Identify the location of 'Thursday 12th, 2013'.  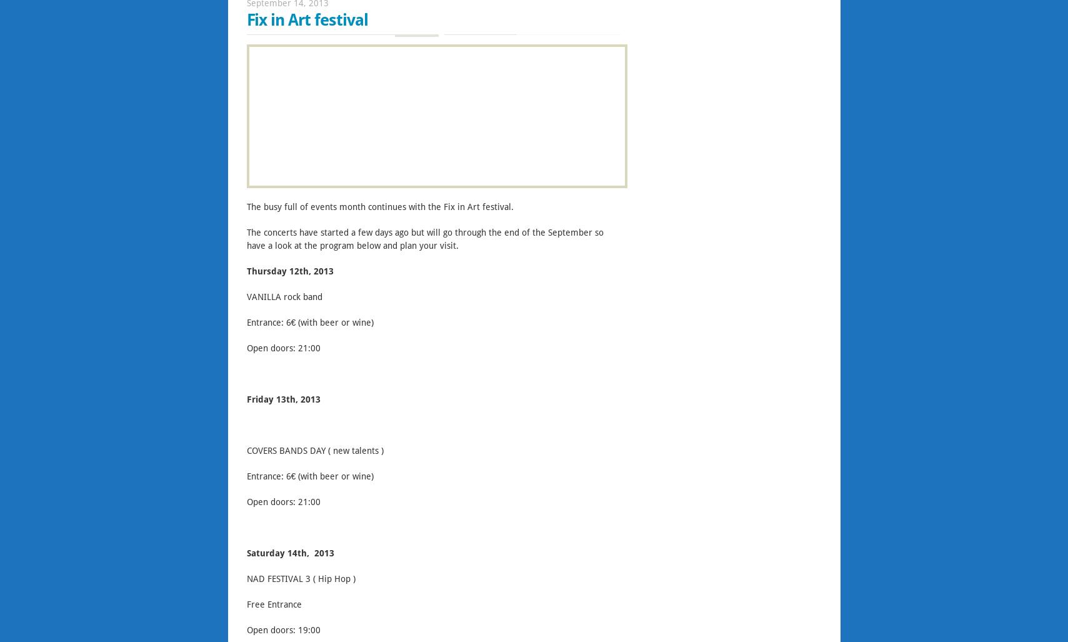
(289, 271).